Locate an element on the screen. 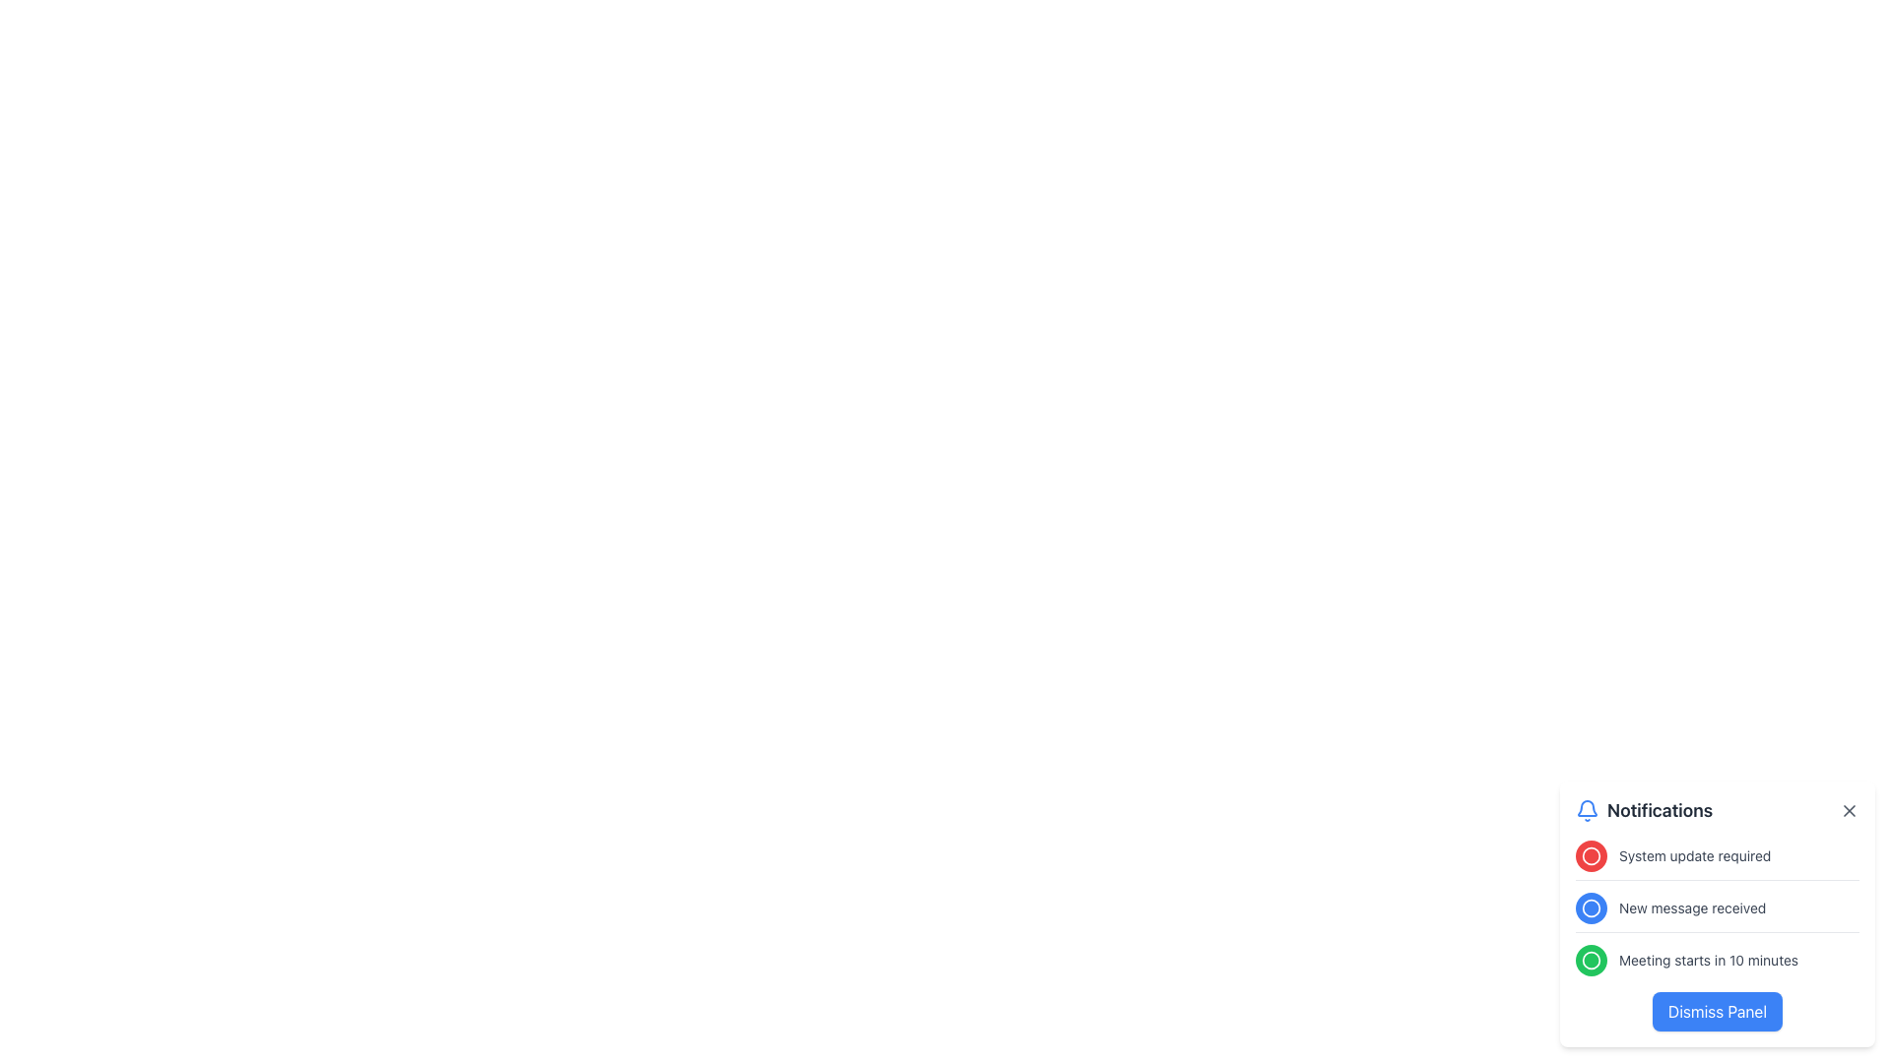 Image resolution: width=1891 pixels, height=1063 pixels. the dismiss icon (×) located in the top-right corner of the notification panel is located at coordinates (1848, 811).